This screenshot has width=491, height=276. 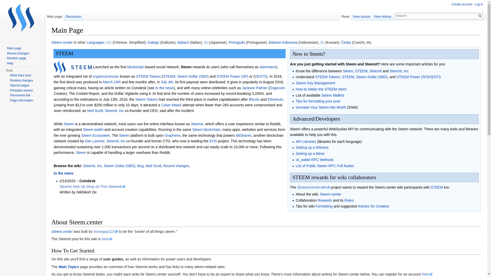 What do you see at coordinates (462, 4) in the screenshot?
I see `'Create account'` at bounding box center [462, 4].